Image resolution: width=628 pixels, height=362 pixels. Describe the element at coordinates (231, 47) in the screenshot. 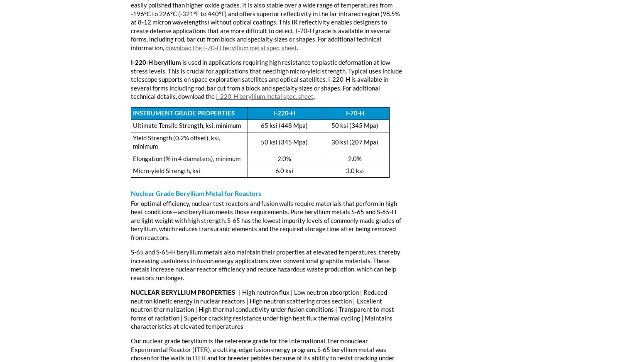

I see `'download the I-70-H beryllium metal spec. sheet'` at that location.